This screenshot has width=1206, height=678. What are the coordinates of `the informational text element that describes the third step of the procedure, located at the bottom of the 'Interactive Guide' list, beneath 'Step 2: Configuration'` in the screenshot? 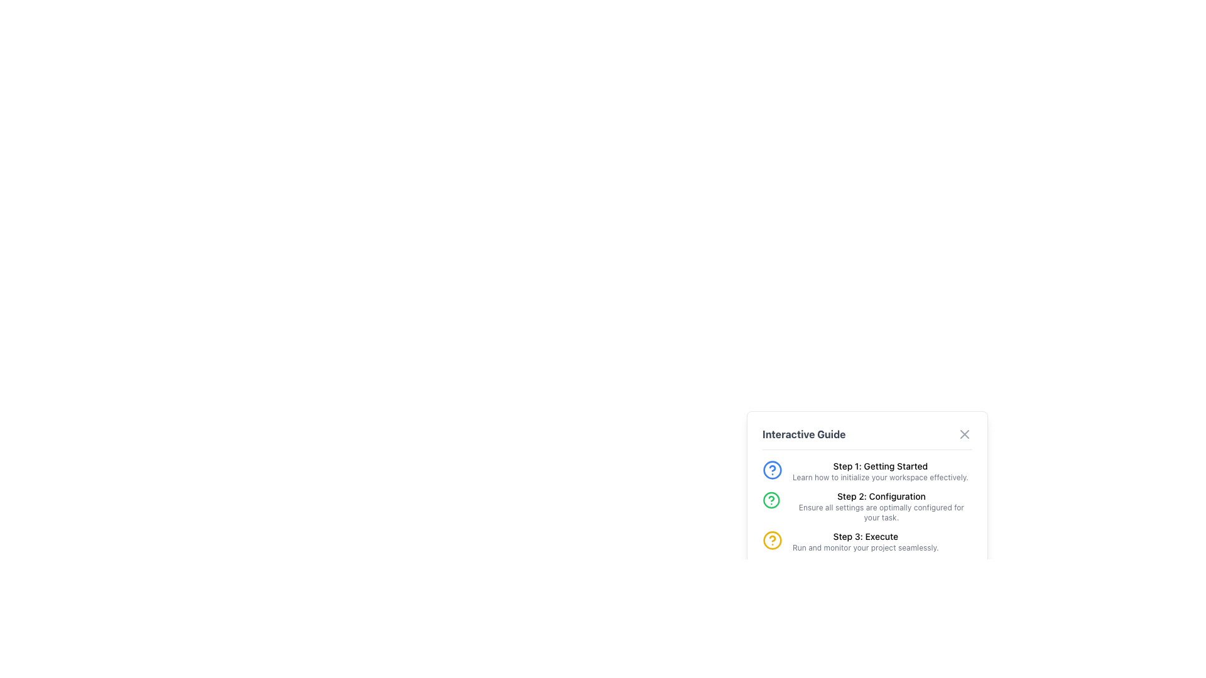 It's located at (865, 541).